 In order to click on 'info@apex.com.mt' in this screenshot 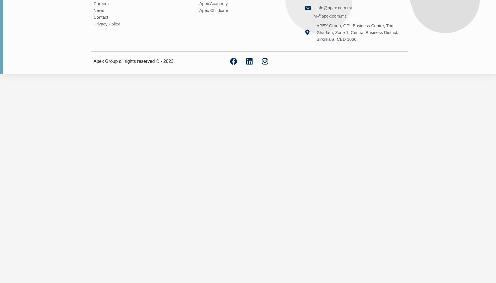, I will do `click(334, 7)`.